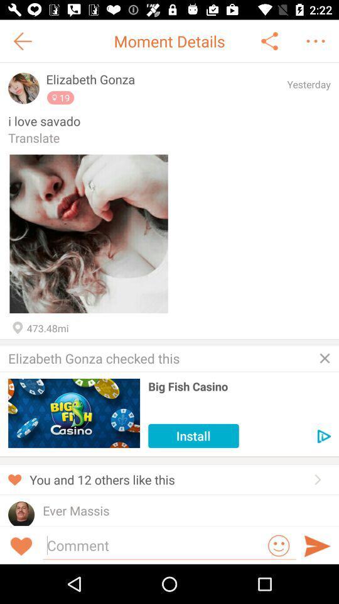 This screenshot has width=339, height=604. What do you see at coordinates (24, 87) in the screenshot?
I see `profile identification` at bounding box center [24, 87].